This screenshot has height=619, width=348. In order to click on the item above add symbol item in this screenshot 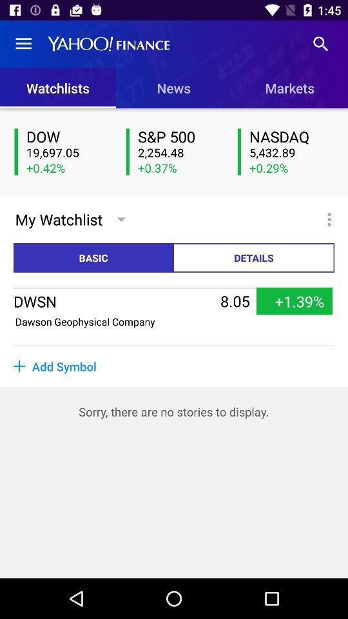, I will do `click(174, 345)`.